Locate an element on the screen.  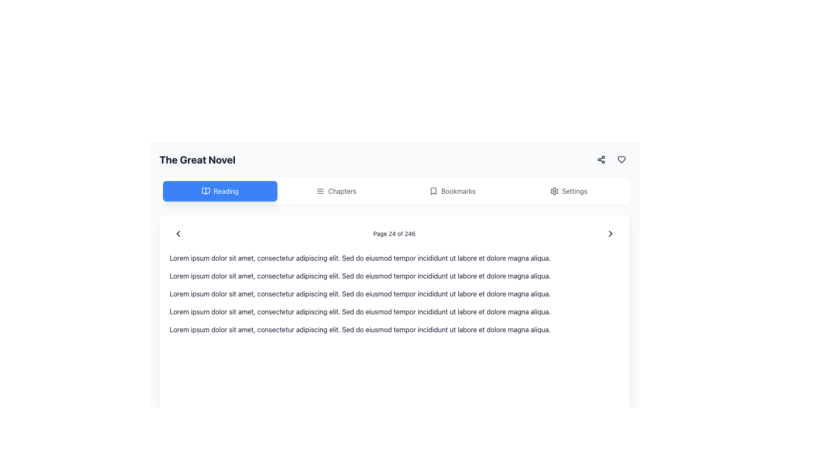
the right half of the book-shaped icon located in the header navigation bar, which is associated with reading or literature is located at coordinates (206, 190).